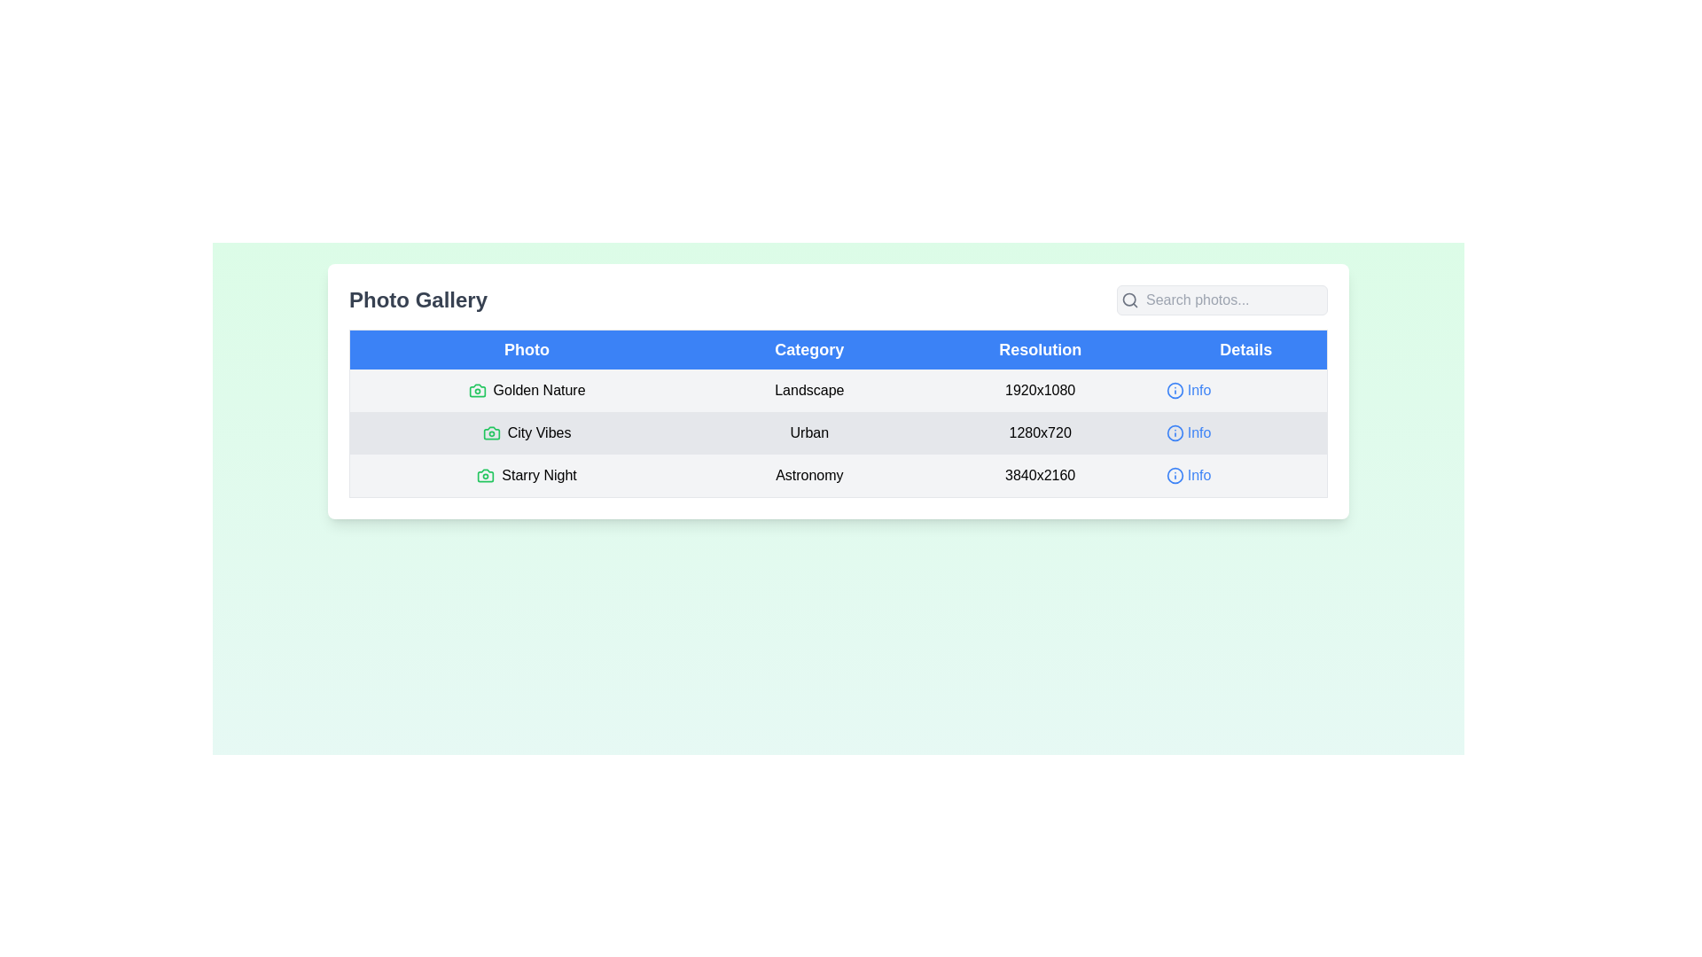  I want to click on the decorative SVG Circle element that forms part of the search magnifying glass icon located near the top-right corner of the application interface, so click(1128, 299).